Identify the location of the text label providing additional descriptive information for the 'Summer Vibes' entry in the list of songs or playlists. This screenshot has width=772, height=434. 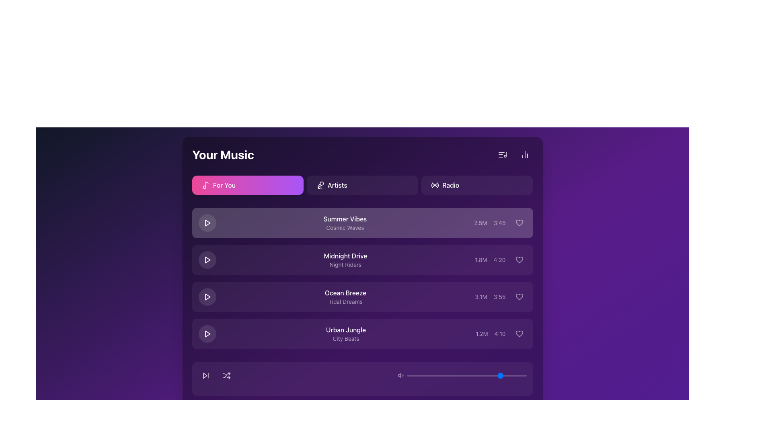
(345, 228).